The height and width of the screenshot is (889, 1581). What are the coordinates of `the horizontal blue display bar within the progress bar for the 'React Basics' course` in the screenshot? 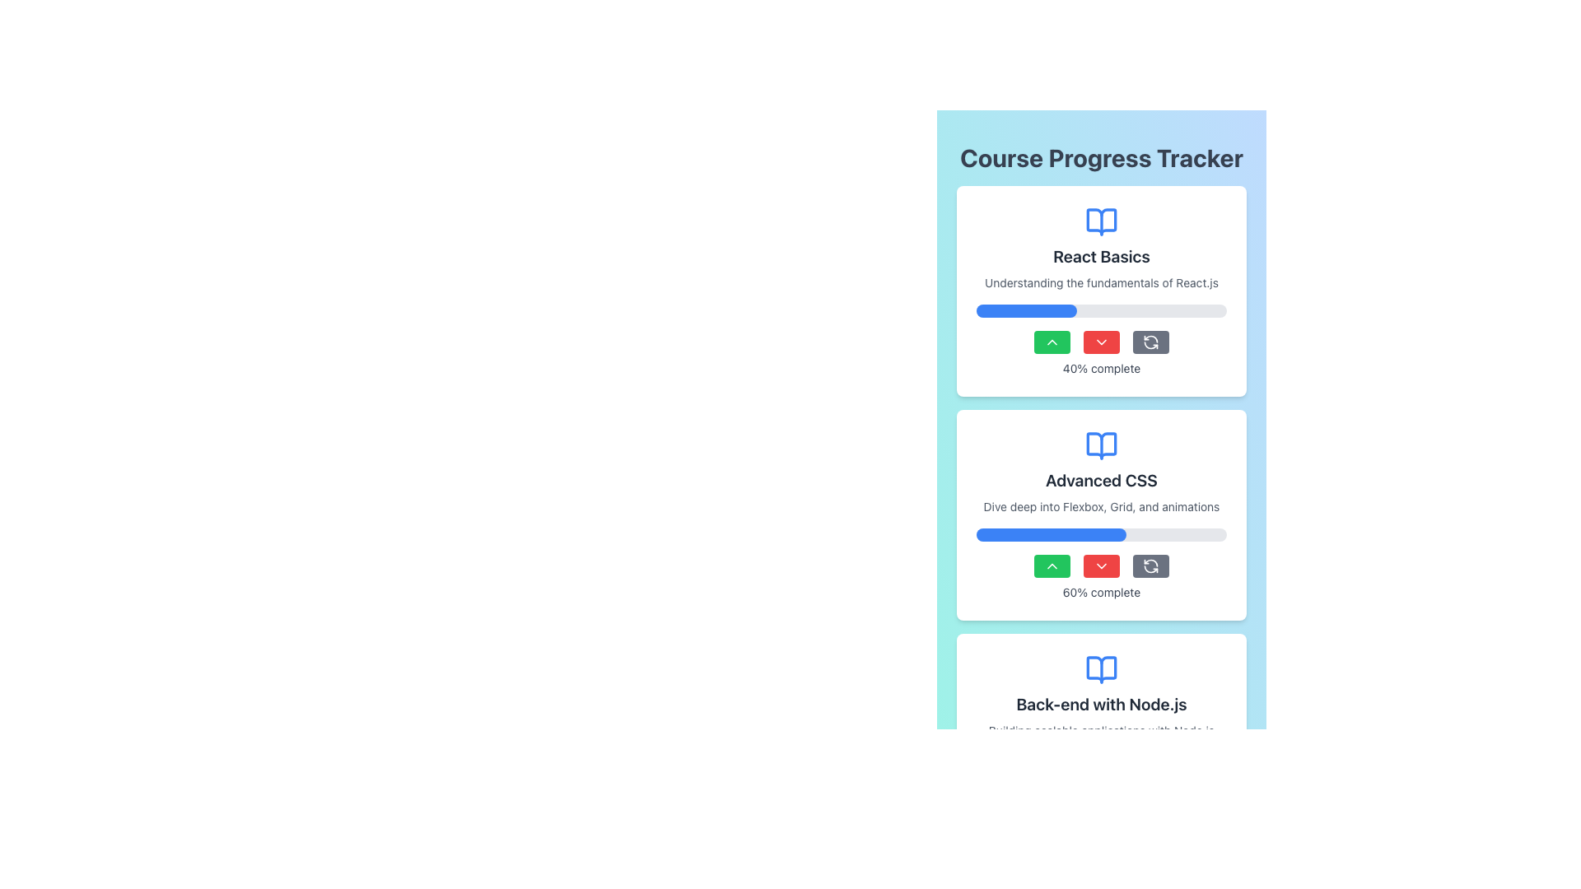 It's located at (1025, 311).